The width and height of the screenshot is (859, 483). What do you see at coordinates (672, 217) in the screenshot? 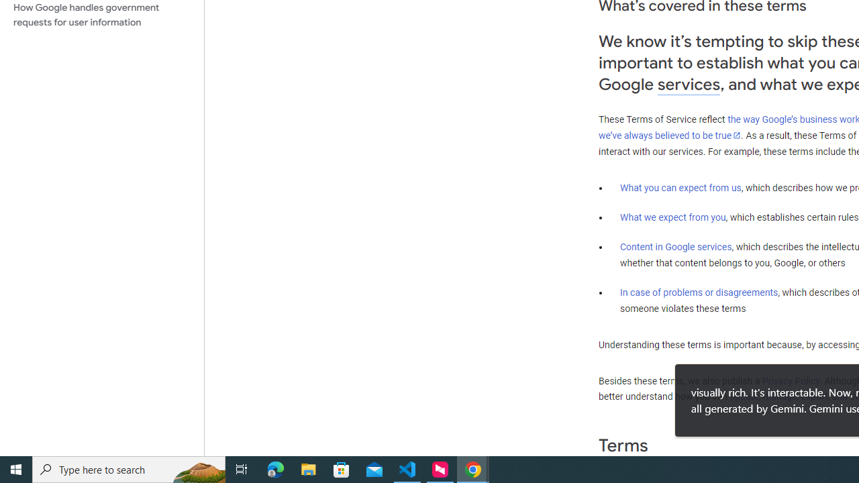
I see `'What we expect from you'` at bounding box center [672, 217].